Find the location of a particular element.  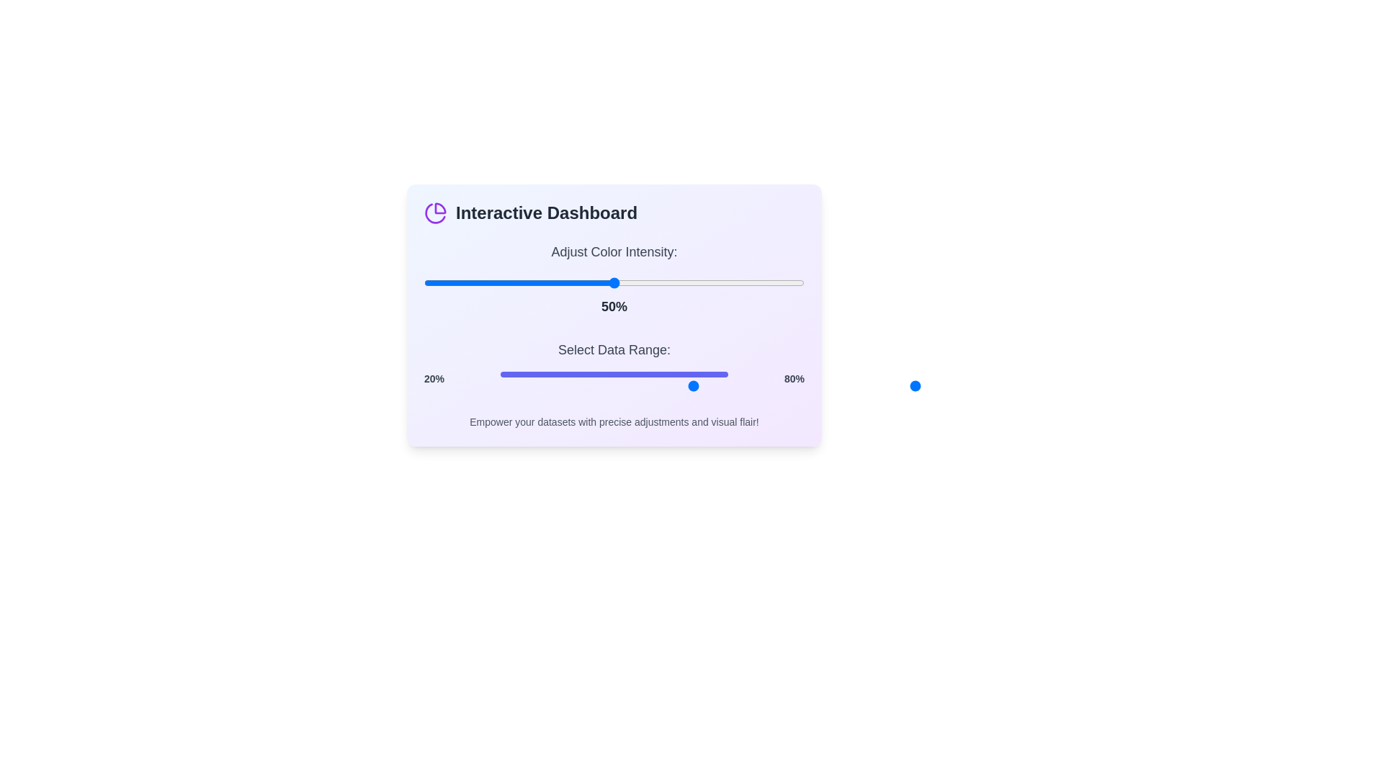

the pie chart icon with smooth, rounded edges and vibrant purple color, located to the left of the text 'Interactive Dashboard' is located at coordinates (434, 213).